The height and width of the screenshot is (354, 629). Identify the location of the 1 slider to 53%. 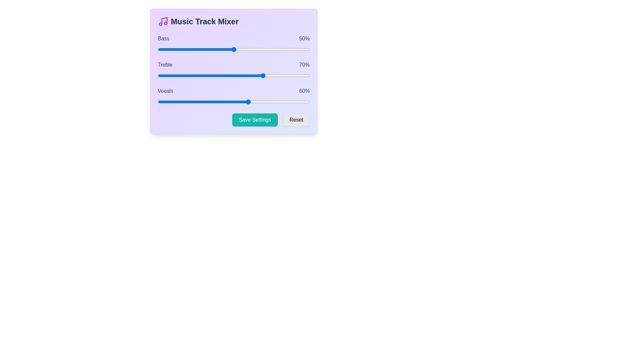
(238, 75).